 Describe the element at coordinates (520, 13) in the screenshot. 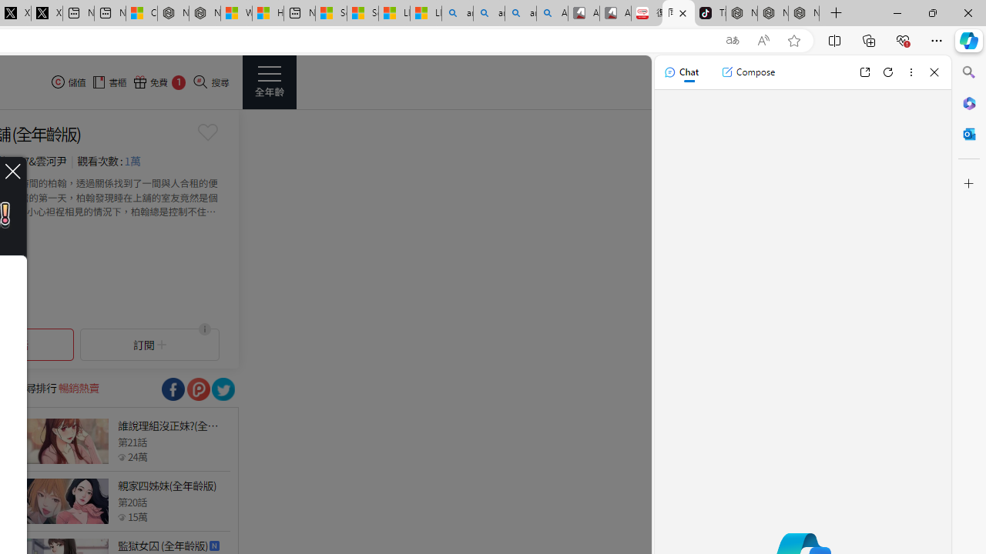

I see `'amazon - Search Images'` at that location.